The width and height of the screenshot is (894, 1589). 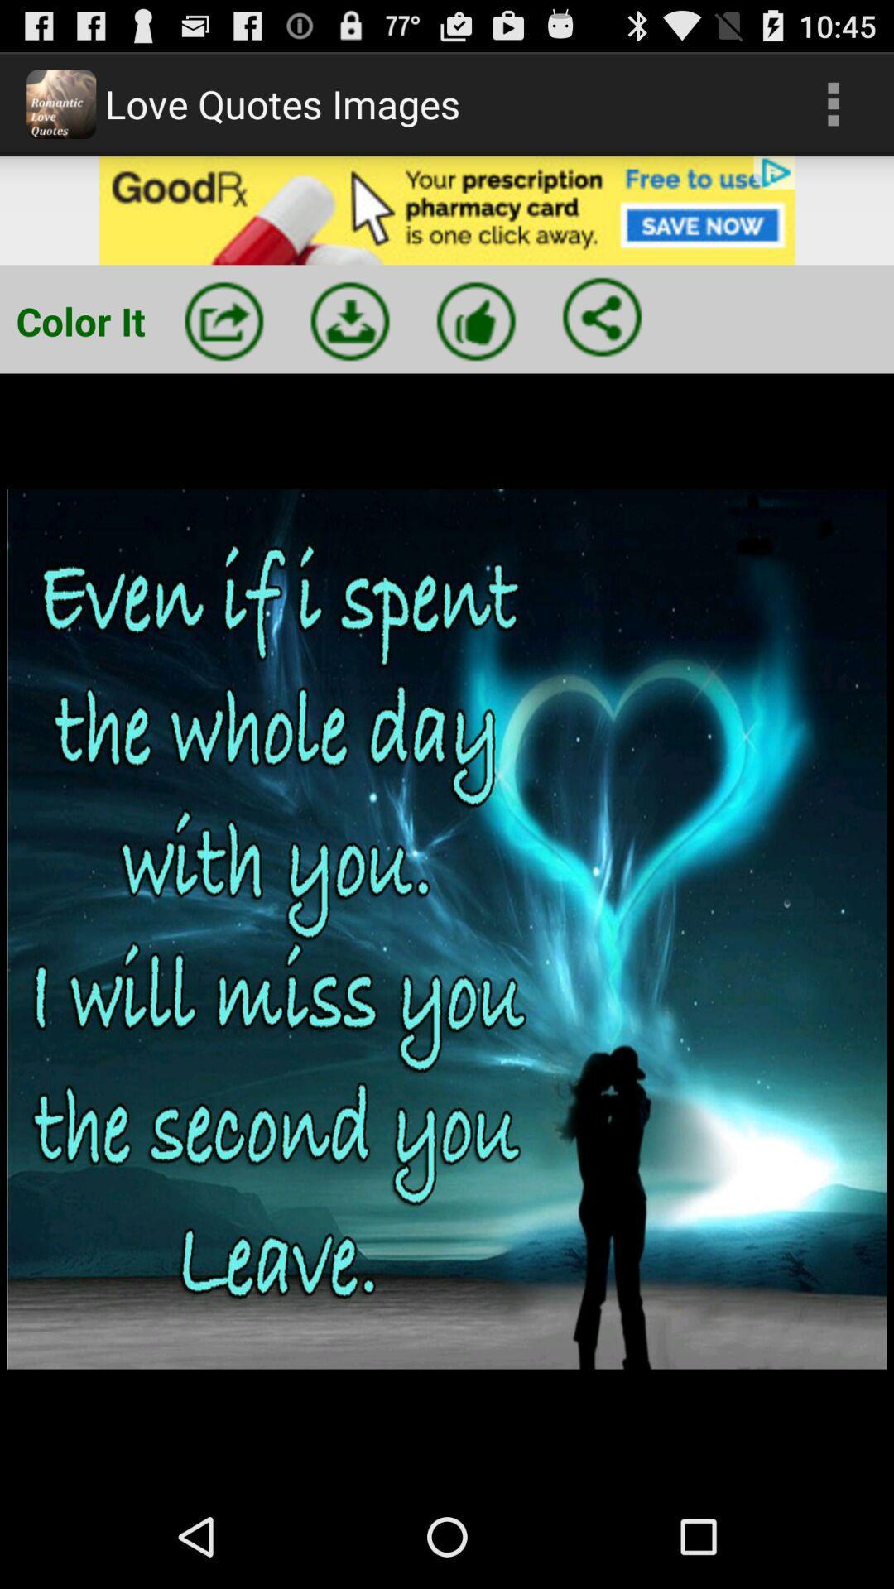 I want to click on the file_download icon, so click(x=349, y=343).